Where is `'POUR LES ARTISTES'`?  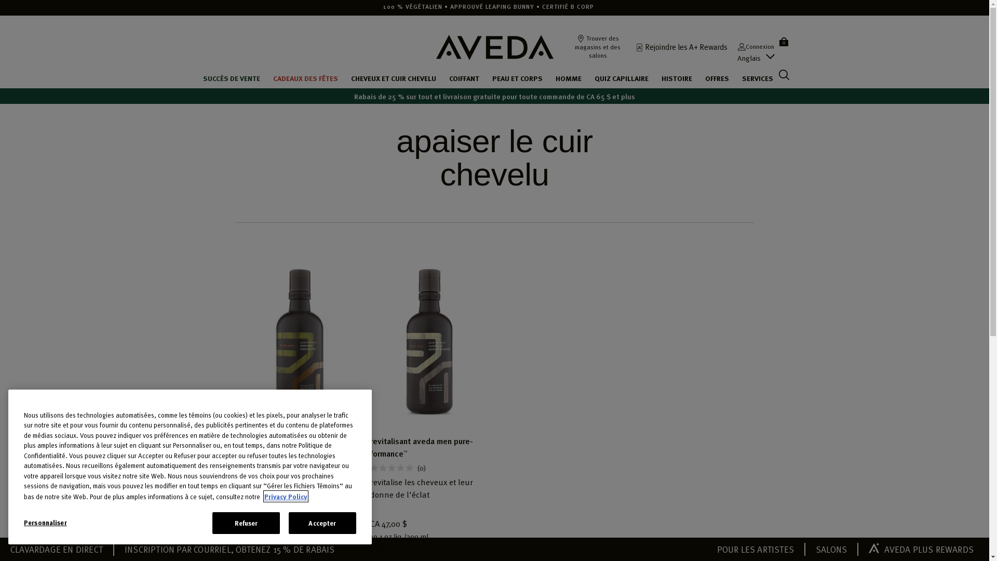
'POUR LES ARTISTES' is located at coordinates (755, 548).